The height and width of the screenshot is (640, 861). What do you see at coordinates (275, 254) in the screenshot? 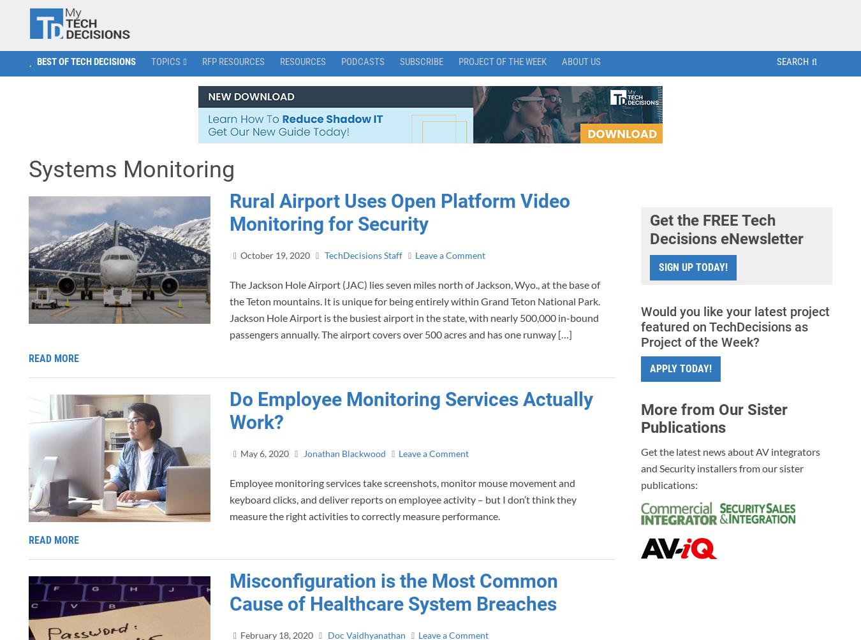
I see `'October 19, 2020'` at bounding box center [275, 254].